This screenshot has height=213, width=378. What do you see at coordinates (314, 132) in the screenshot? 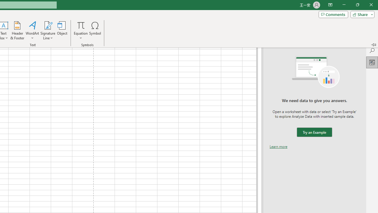
I see `'We need data to give you answers. Try an Example'` at bounding box center [314, 132].